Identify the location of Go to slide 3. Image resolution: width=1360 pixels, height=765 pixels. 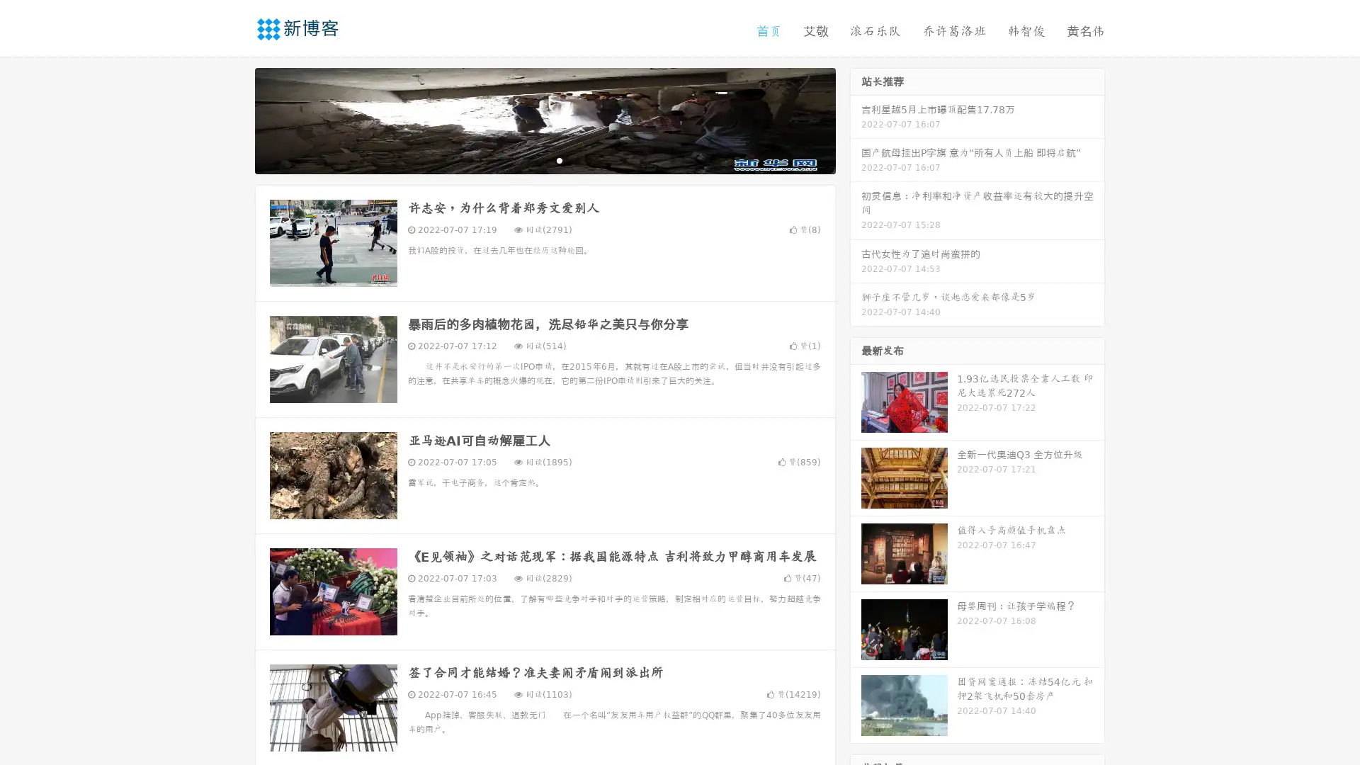
(559, 159).